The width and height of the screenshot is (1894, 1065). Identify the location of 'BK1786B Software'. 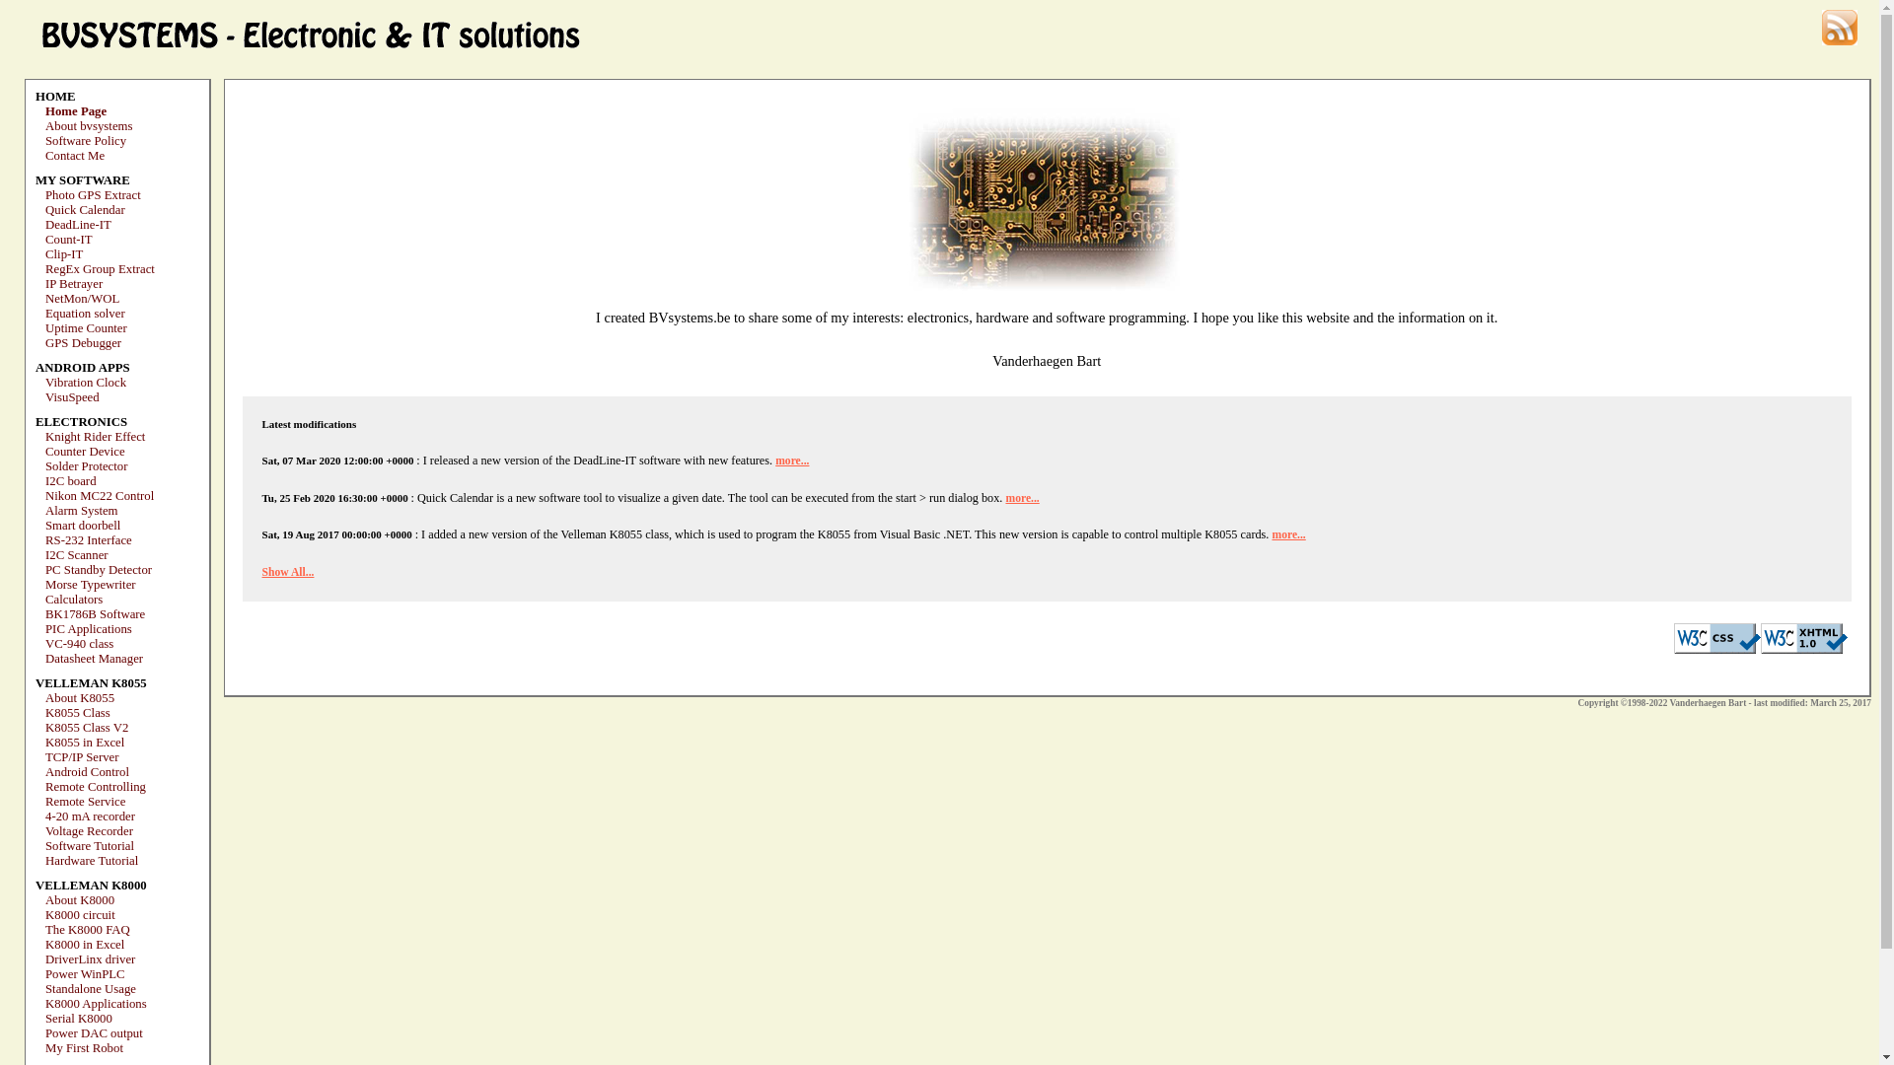
(94, 613).